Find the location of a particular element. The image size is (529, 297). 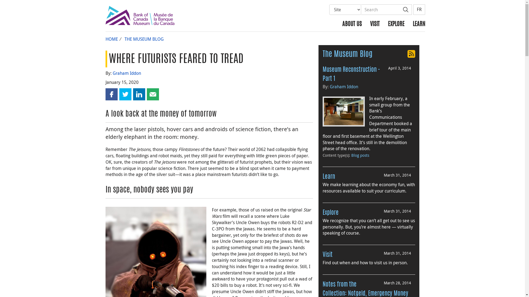

'The Museum Blog' is located at coordinates (347, 55).